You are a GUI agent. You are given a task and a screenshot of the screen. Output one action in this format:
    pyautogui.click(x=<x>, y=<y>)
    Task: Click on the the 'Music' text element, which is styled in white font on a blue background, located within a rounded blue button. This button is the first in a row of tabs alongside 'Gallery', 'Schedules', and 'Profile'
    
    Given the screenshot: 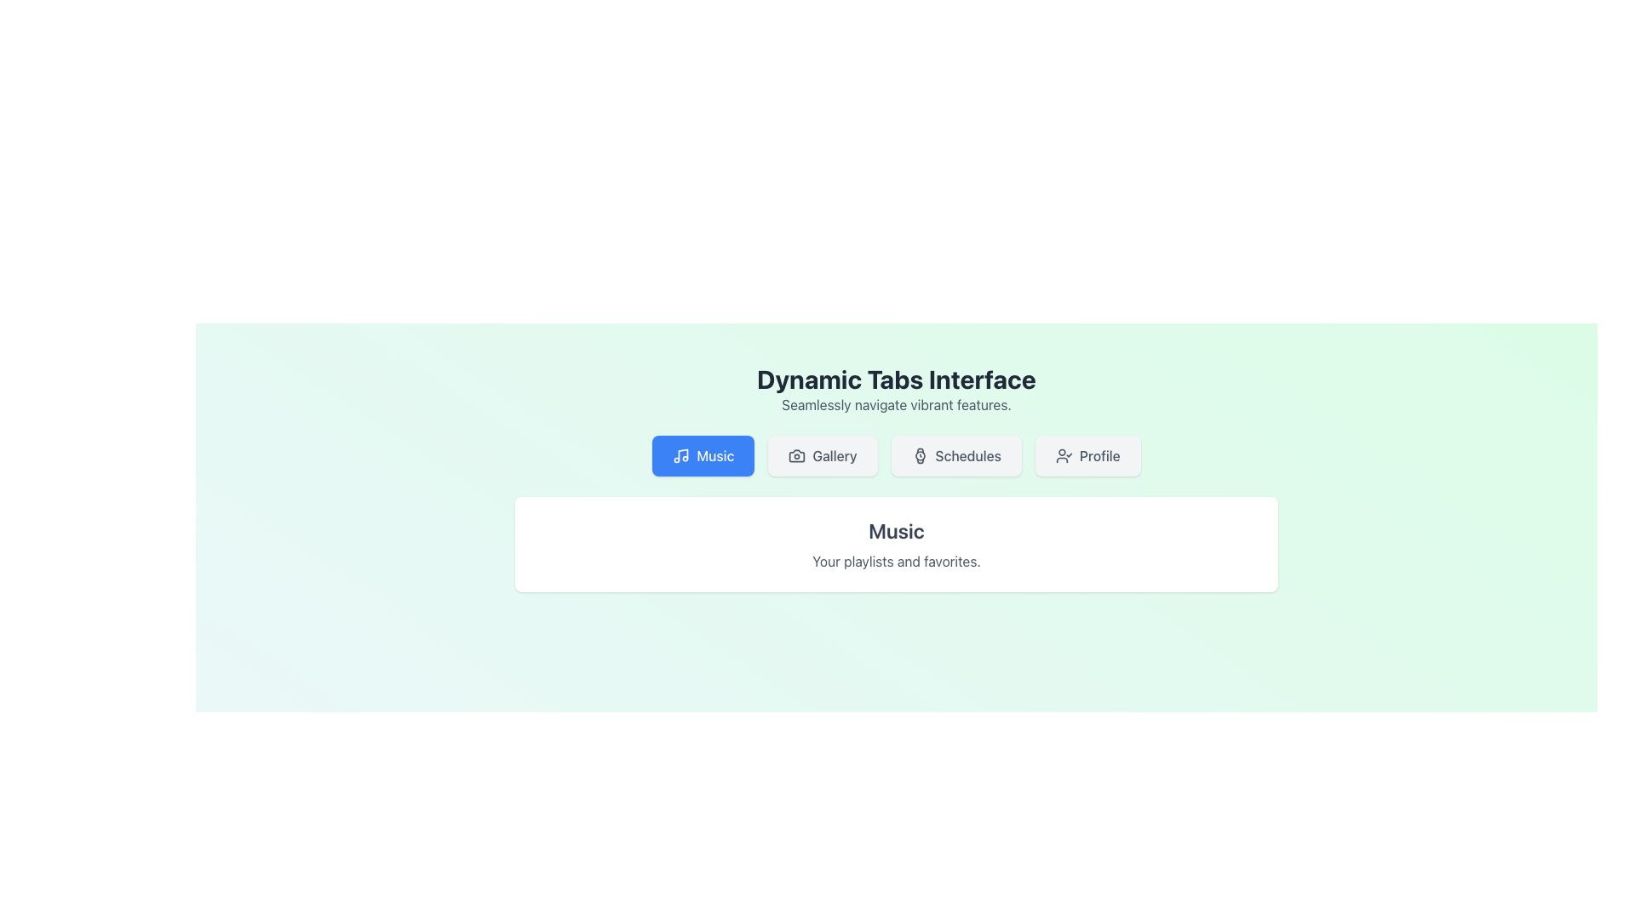 What is the action you would take?
    pyautogui.click(x=715, y=455)
    